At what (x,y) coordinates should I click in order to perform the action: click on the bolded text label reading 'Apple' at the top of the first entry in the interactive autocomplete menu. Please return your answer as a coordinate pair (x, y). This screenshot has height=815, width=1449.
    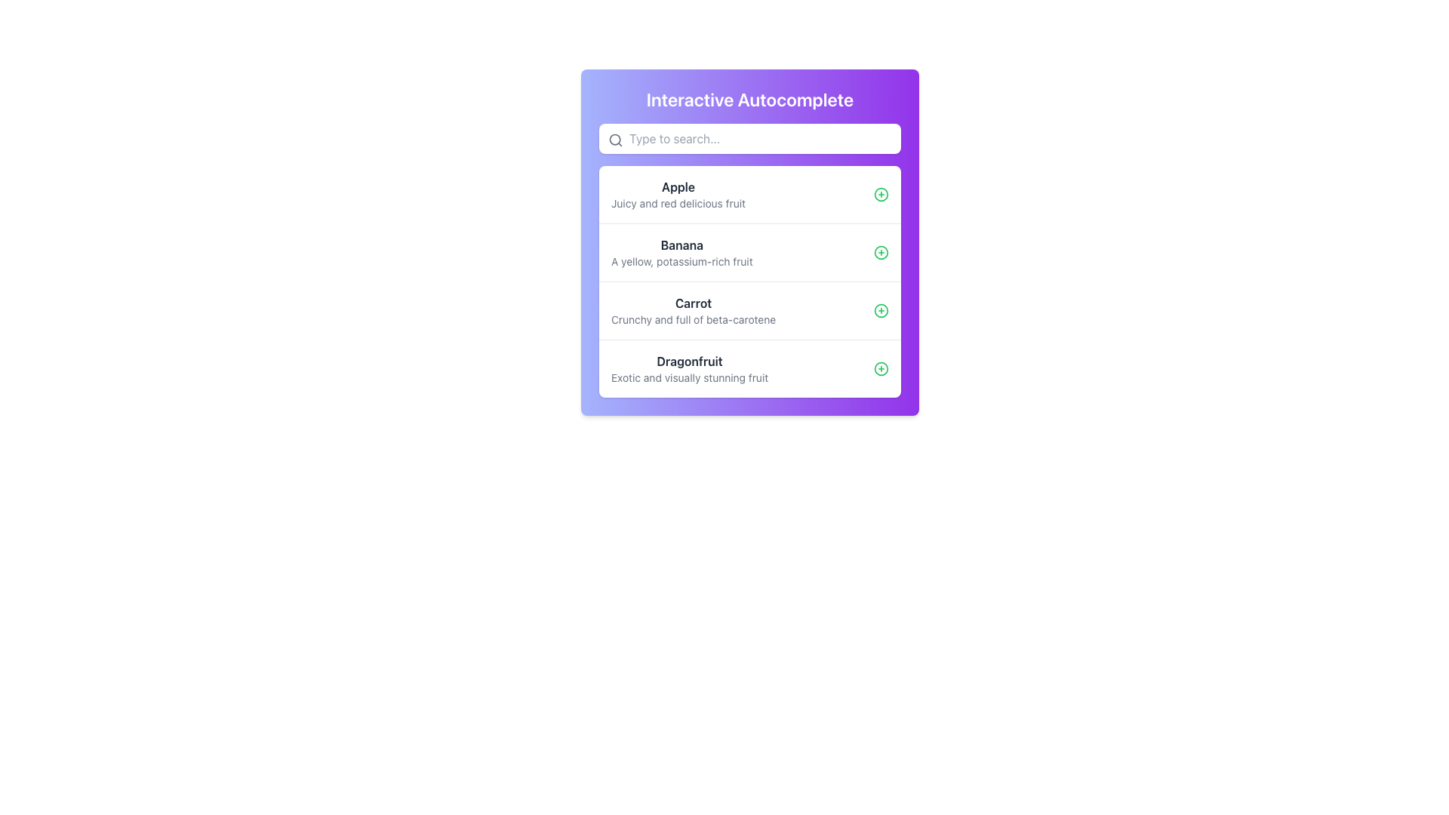
    Looking at the image, I should click on (677, 186).